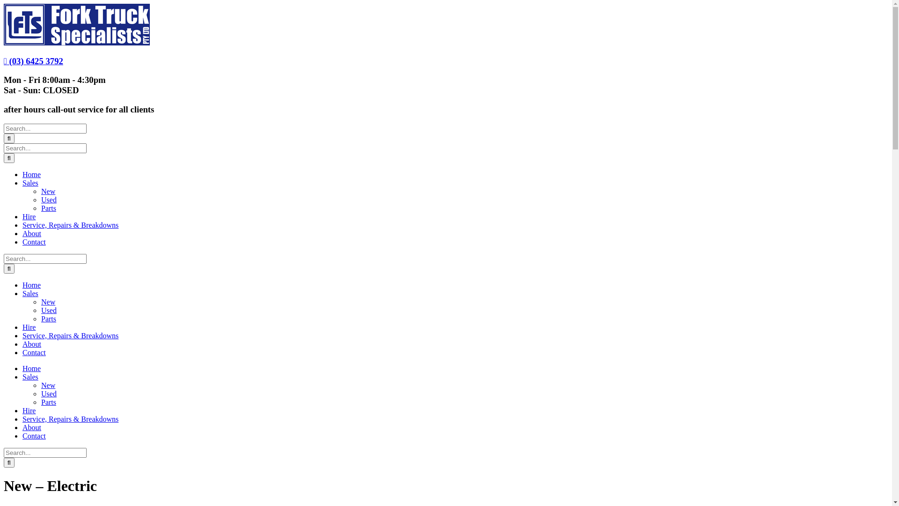 This screenshot has width=899, height=506. Describe the element at coordinates (70, 225) in the screenshot. I see `'Service, Repairs & Breakdowns'` at that location.